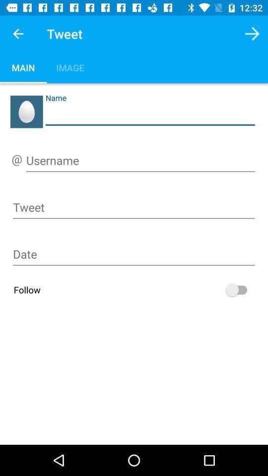 The width and height of the screenshot is (268, 476). Describe the element at coordinates (140, 162) in the screenshot. I see `the username` at that location.